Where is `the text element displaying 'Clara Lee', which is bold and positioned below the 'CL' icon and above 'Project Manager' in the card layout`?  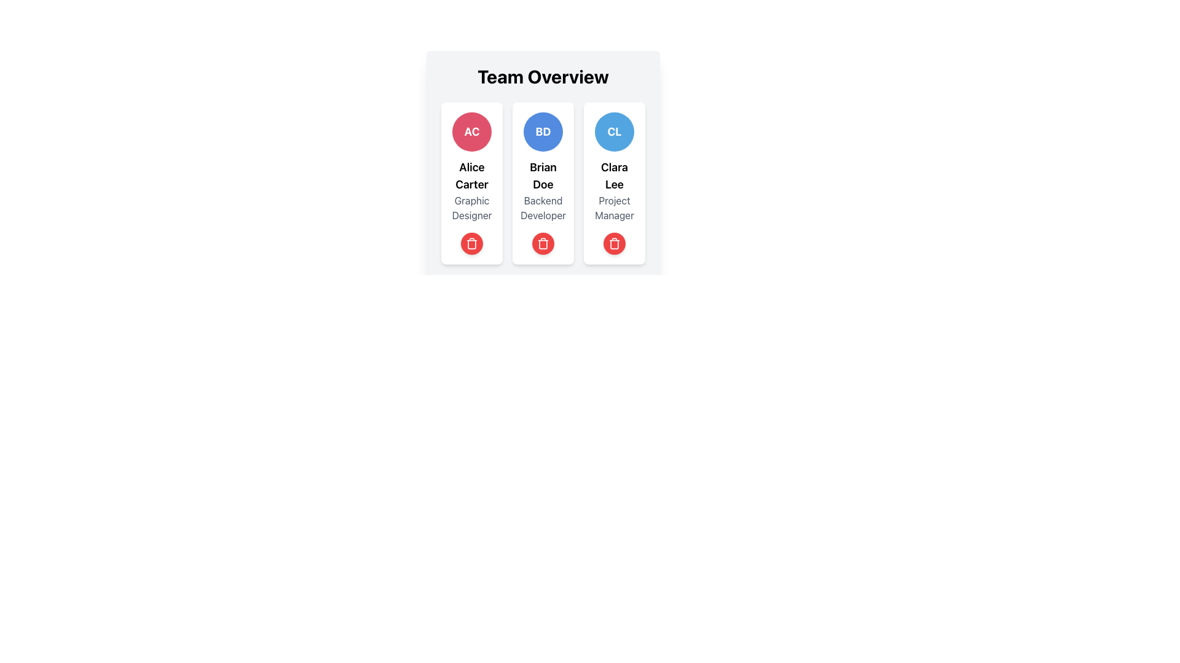
the text element displaying 'Clara Lee', which is bold and positioned below the 'CL' icon and above 'Project Manager' in the card layout is located at coordinates (614, 176).